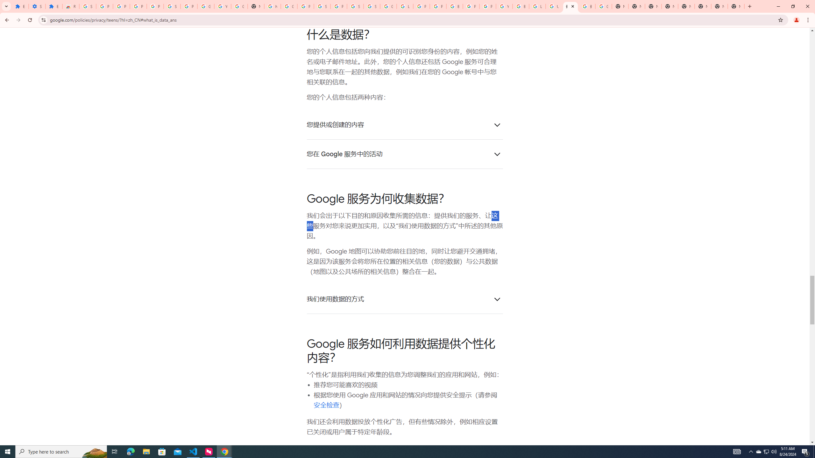 The height and width of the screenshot is (458, 815). I want to click on 'YouTube', so click(222, 6).